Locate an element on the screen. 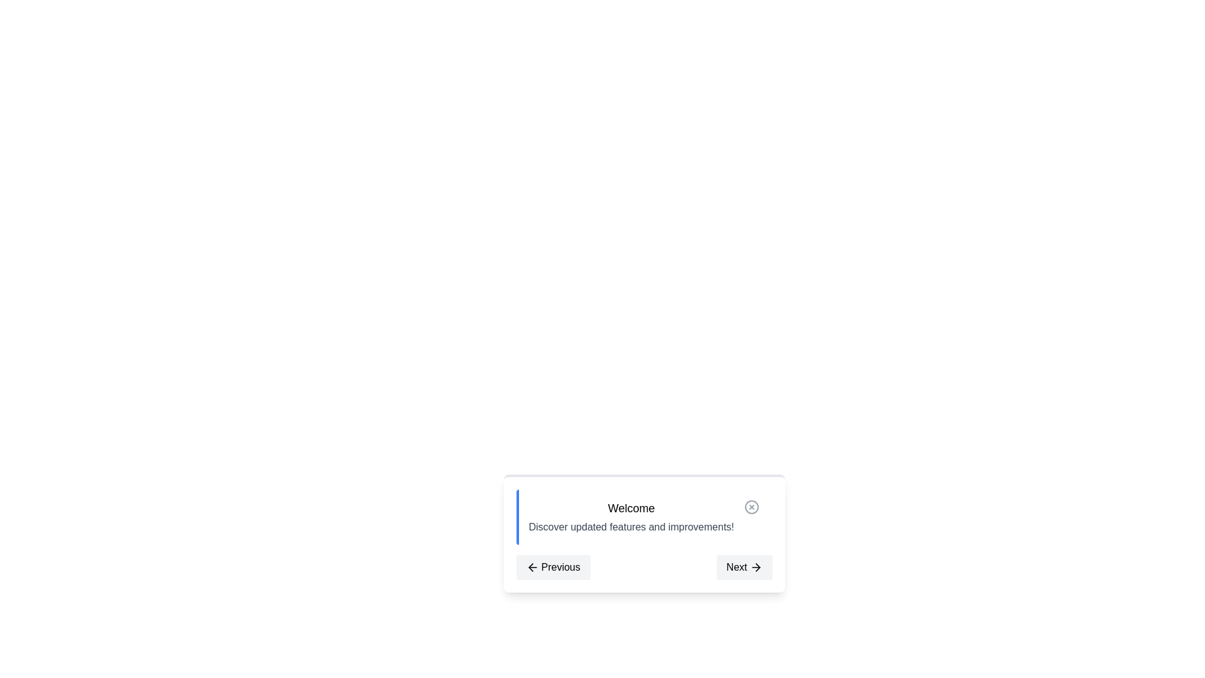 This screenshot has height=678, width=1205. the text label that says 'Next', which is located in the center of the button labeled 'Next' is located at coordinates (737, 567).